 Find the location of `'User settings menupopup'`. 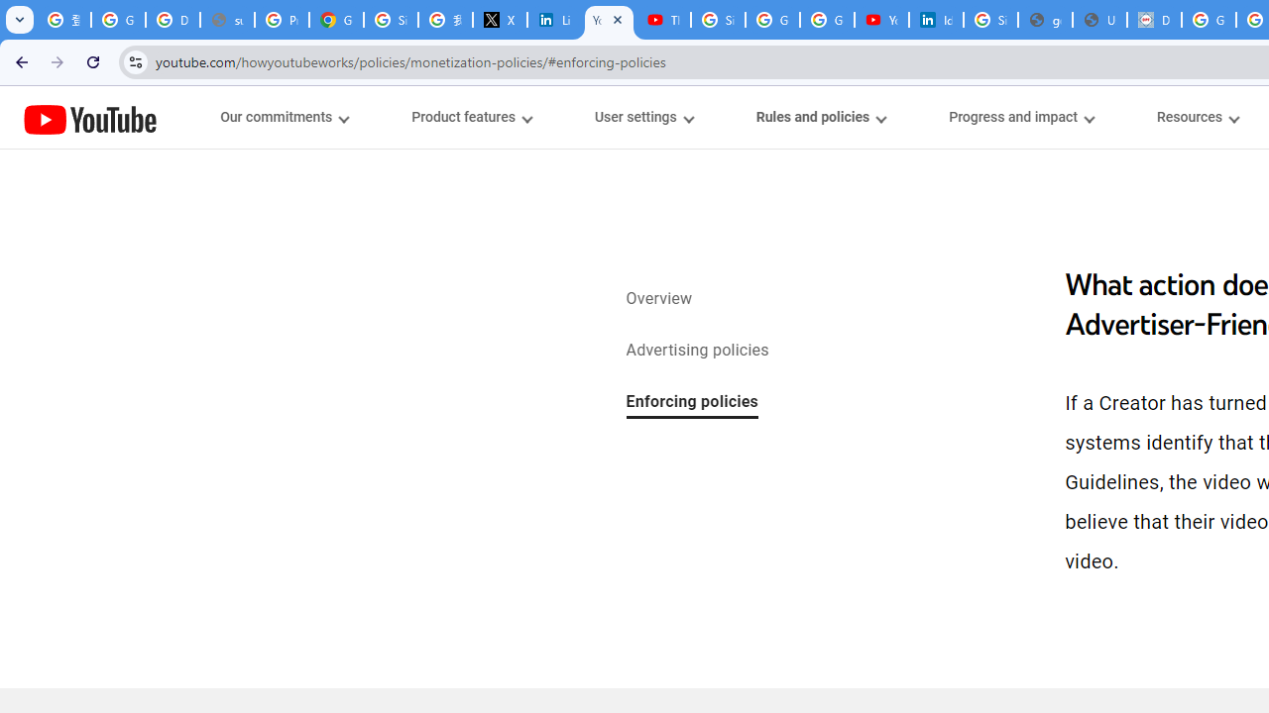

'User settings menupopup' is located at coordinates (642, 117).